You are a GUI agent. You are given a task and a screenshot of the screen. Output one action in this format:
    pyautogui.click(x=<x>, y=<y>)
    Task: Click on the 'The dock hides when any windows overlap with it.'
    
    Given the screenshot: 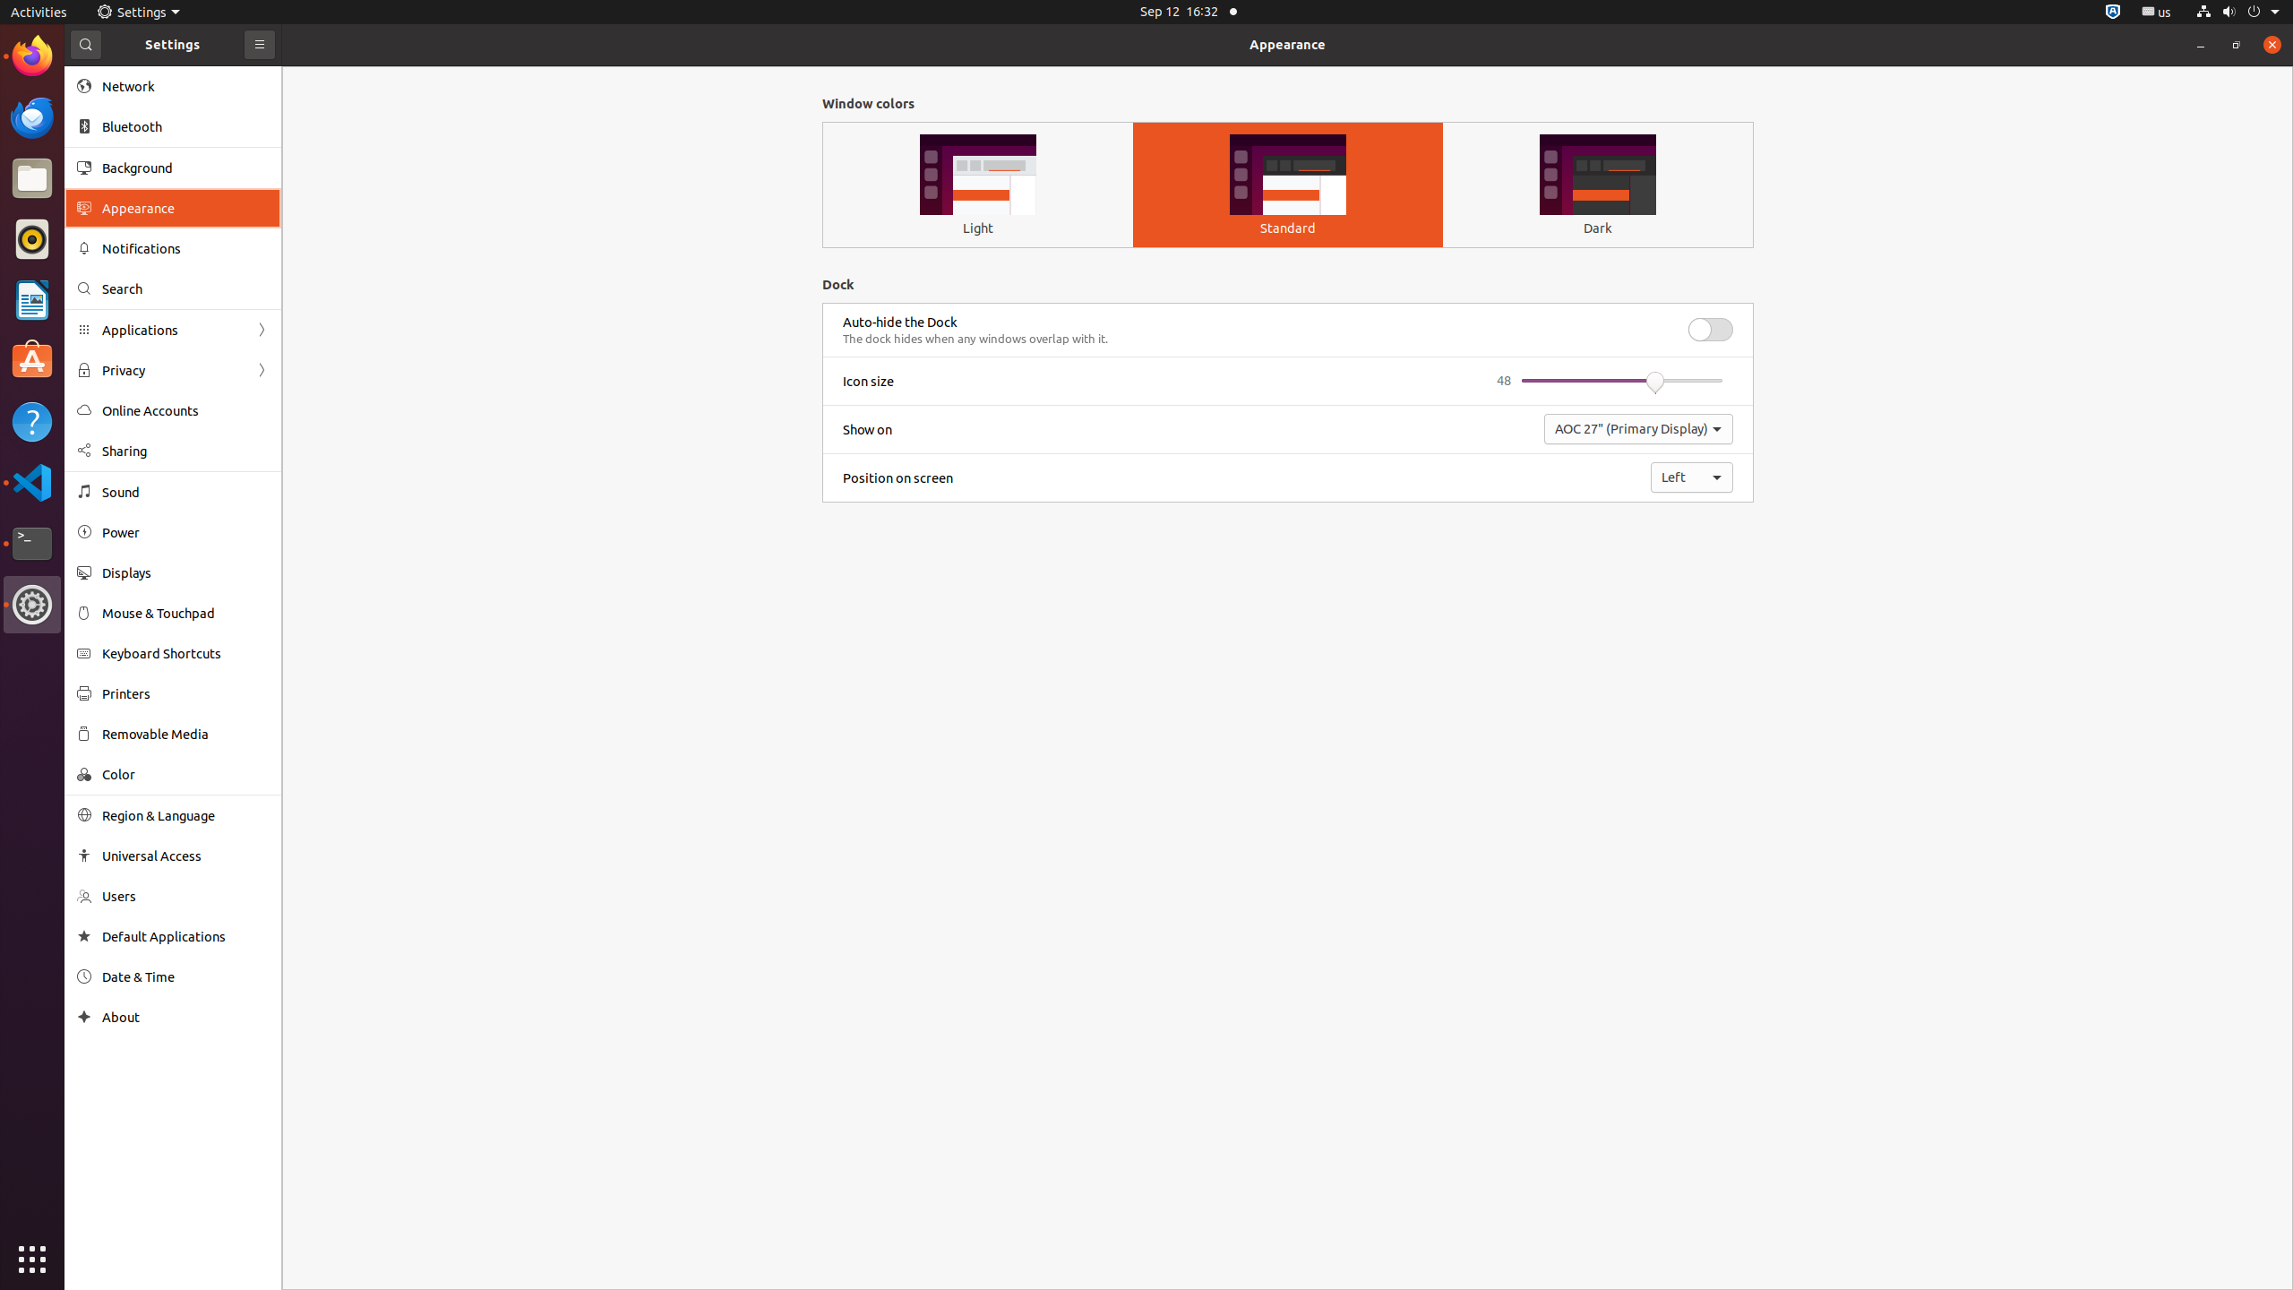 What is the action you would take?
    pyautogui.click(x=975, y=339)
    